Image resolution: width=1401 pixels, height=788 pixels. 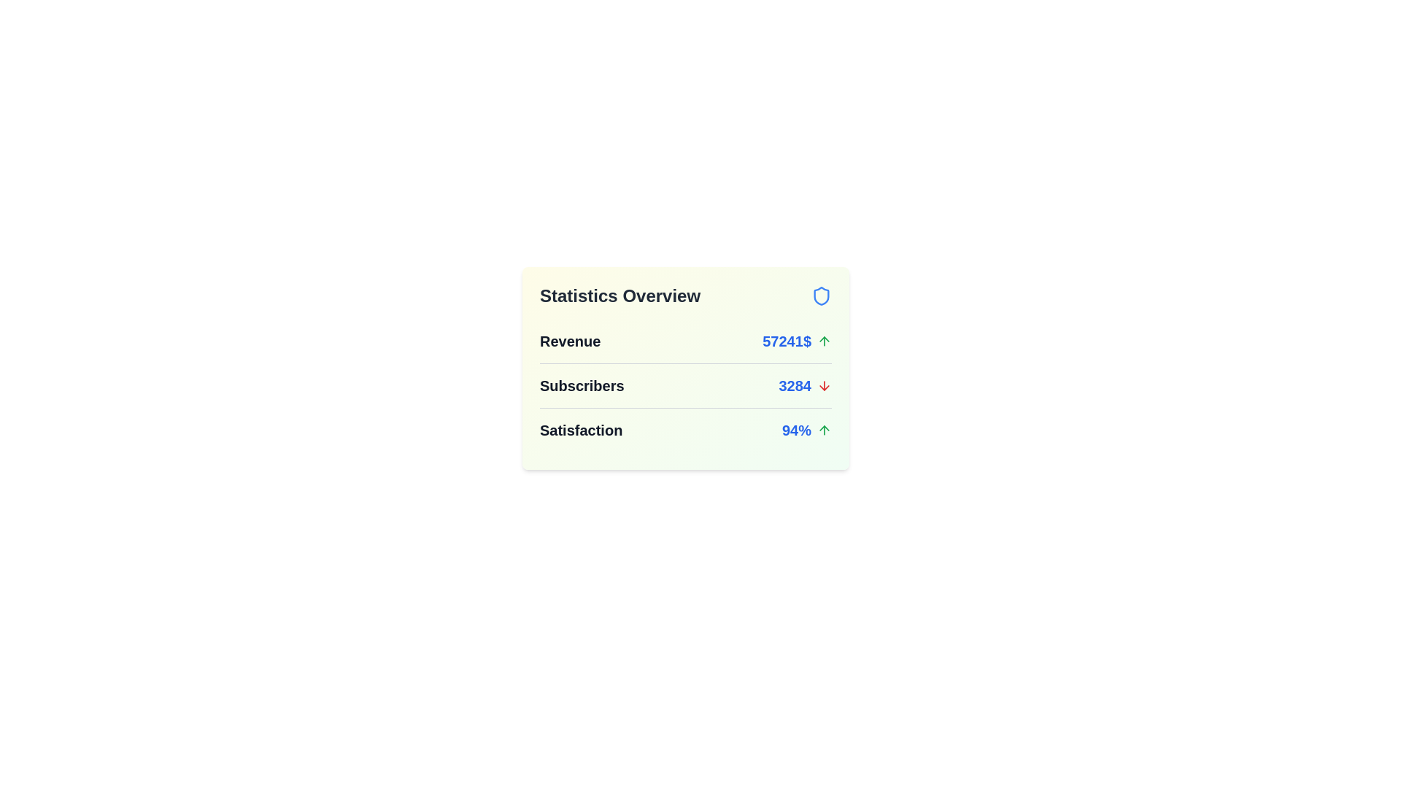 What do you see at coordinates (796, 341) in the screenshot?
I see `the statistic Revenue to view its details` at bounding box center [796, 341].